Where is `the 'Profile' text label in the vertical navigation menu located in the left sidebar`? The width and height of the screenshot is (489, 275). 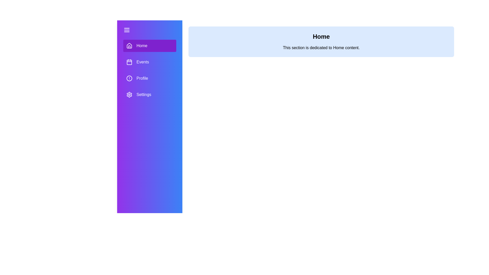
the 'Profile' text label in the vertical navigation menu located in the left sidebar is located at coordinates (142, 78).